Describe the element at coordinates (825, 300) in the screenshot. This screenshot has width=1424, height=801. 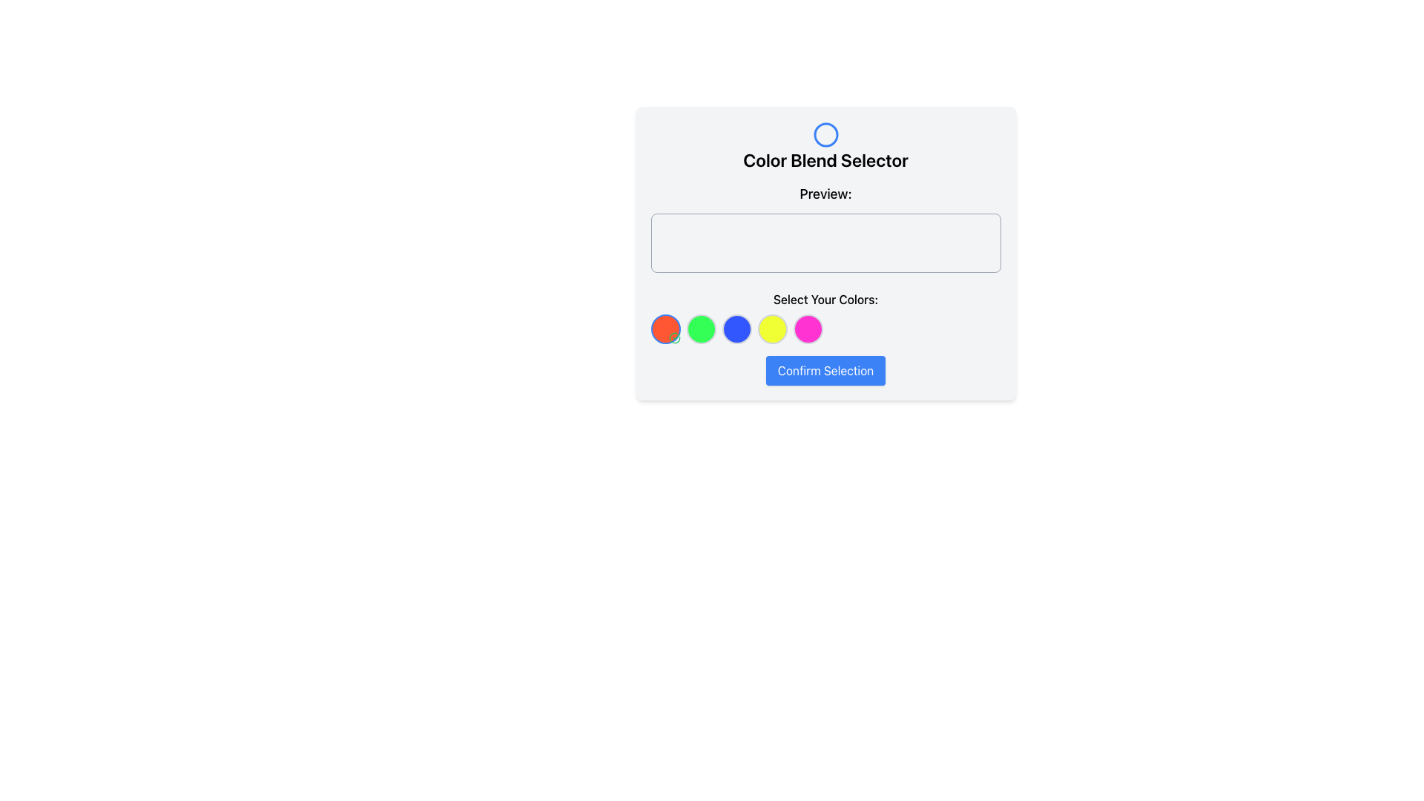
I see `text label that says 'Select Your Colors:' which is styled in bold black font and is positioned above the color selection circles` at that location.